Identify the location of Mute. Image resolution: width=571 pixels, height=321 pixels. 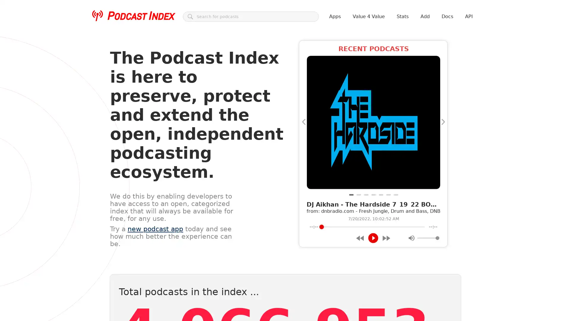
(411, 238).